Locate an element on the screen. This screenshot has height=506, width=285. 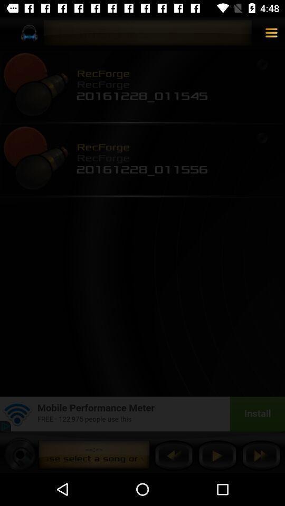
the first image of the page is located at coordinates (35, 85).